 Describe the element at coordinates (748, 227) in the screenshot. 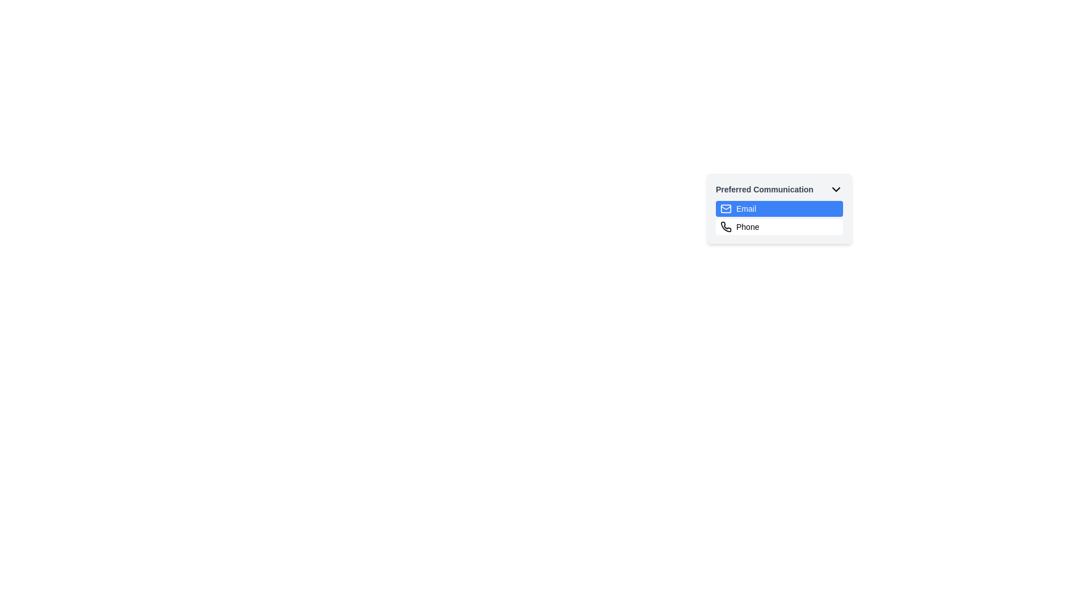

I see `the 'Phone' text label in the dropdown menu, which indicates the phone communication method option following the phone icon` at that location.